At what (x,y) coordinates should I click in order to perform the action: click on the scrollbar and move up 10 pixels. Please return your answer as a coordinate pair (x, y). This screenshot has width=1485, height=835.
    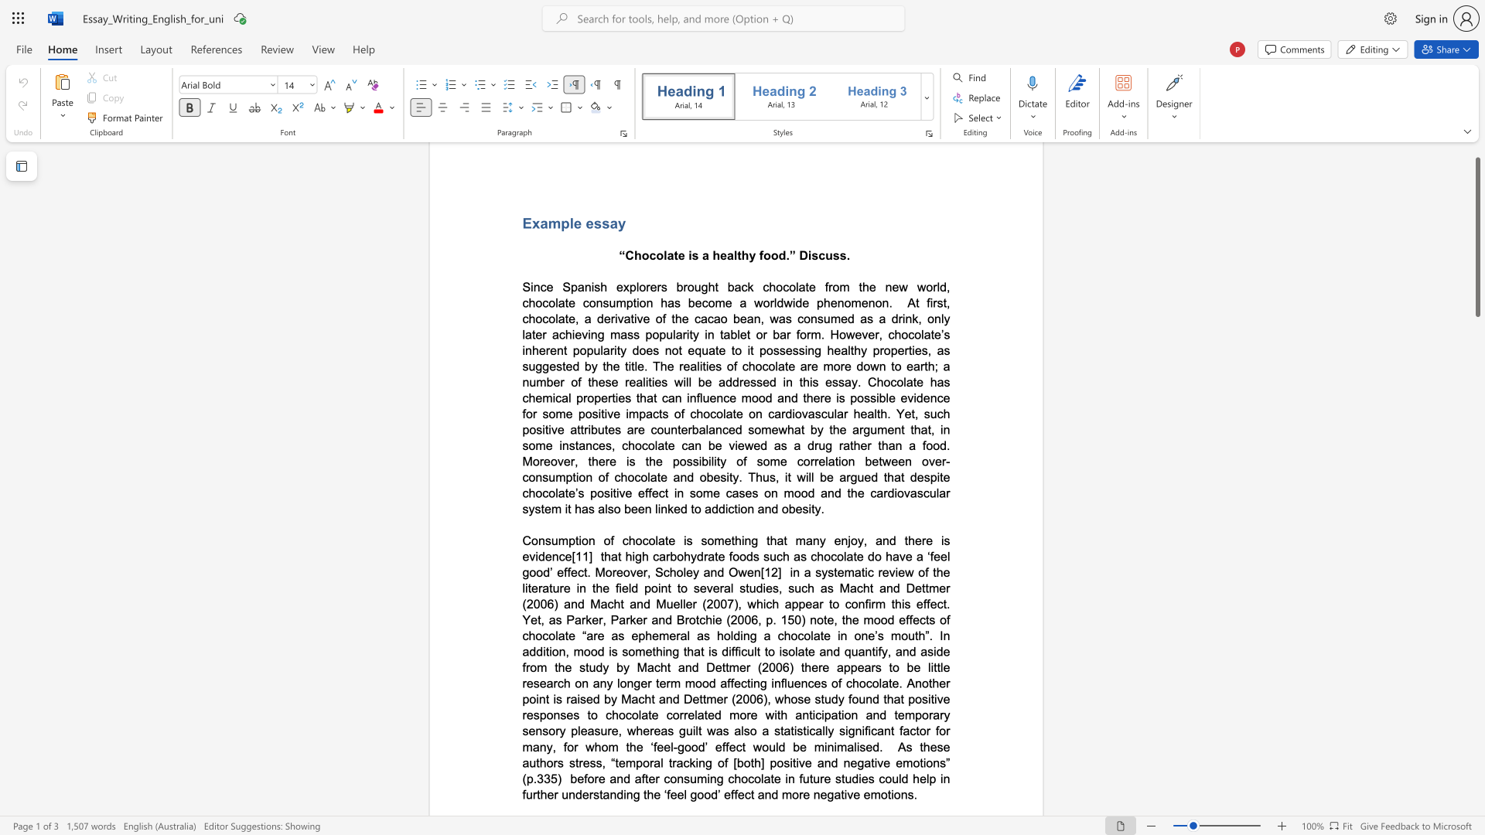
    Looking at the image, I should click on (1476, 237).